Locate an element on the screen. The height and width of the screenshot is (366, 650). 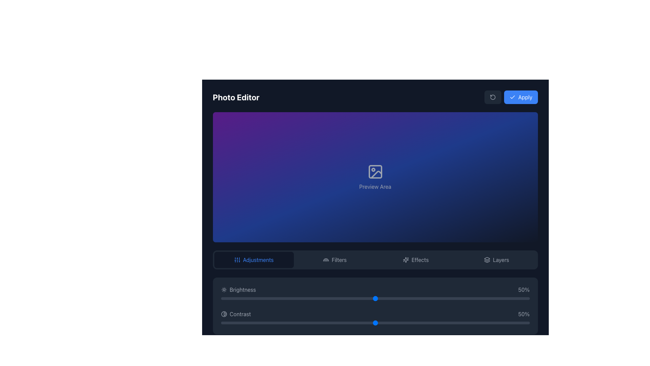
the circular brightness icon with a central dot and sun-like rays, located to the left of the 'Brightness' text at the bottom center of the interface is located at coordinates (224, 290).